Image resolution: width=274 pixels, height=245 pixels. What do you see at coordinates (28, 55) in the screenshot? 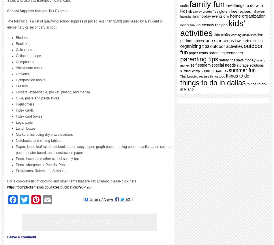
I see `'Cellophane tape'` at bounding box center [28, 55].